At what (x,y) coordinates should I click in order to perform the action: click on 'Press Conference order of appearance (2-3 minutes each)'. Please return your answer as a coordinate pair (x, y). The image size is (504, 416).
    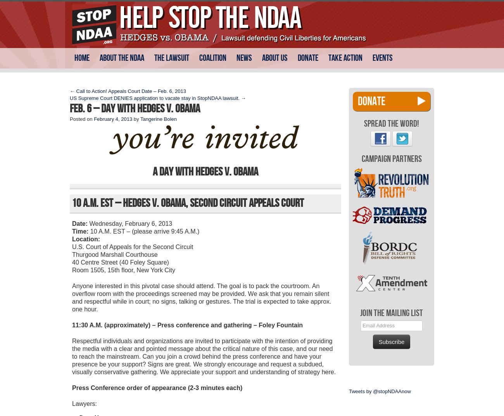
    Looking at the image, I should click on (157, 387).